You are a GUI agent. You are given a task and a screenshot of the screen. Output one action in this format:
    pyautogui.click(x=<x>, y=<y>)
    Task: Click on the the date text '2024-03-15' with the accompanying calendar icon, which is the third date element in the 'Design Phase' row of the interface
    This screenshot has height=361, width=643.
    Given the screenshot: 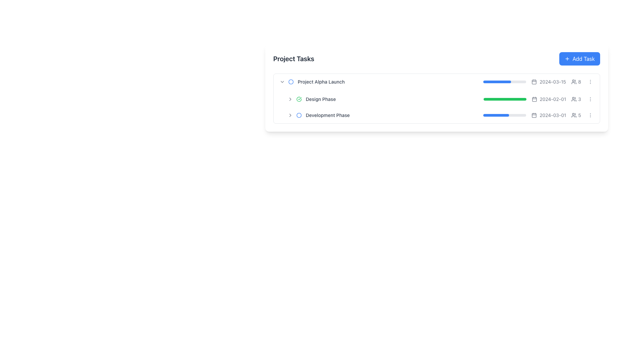 What is the action you would take?
    pyautogui.click(x=549, y=82)
    